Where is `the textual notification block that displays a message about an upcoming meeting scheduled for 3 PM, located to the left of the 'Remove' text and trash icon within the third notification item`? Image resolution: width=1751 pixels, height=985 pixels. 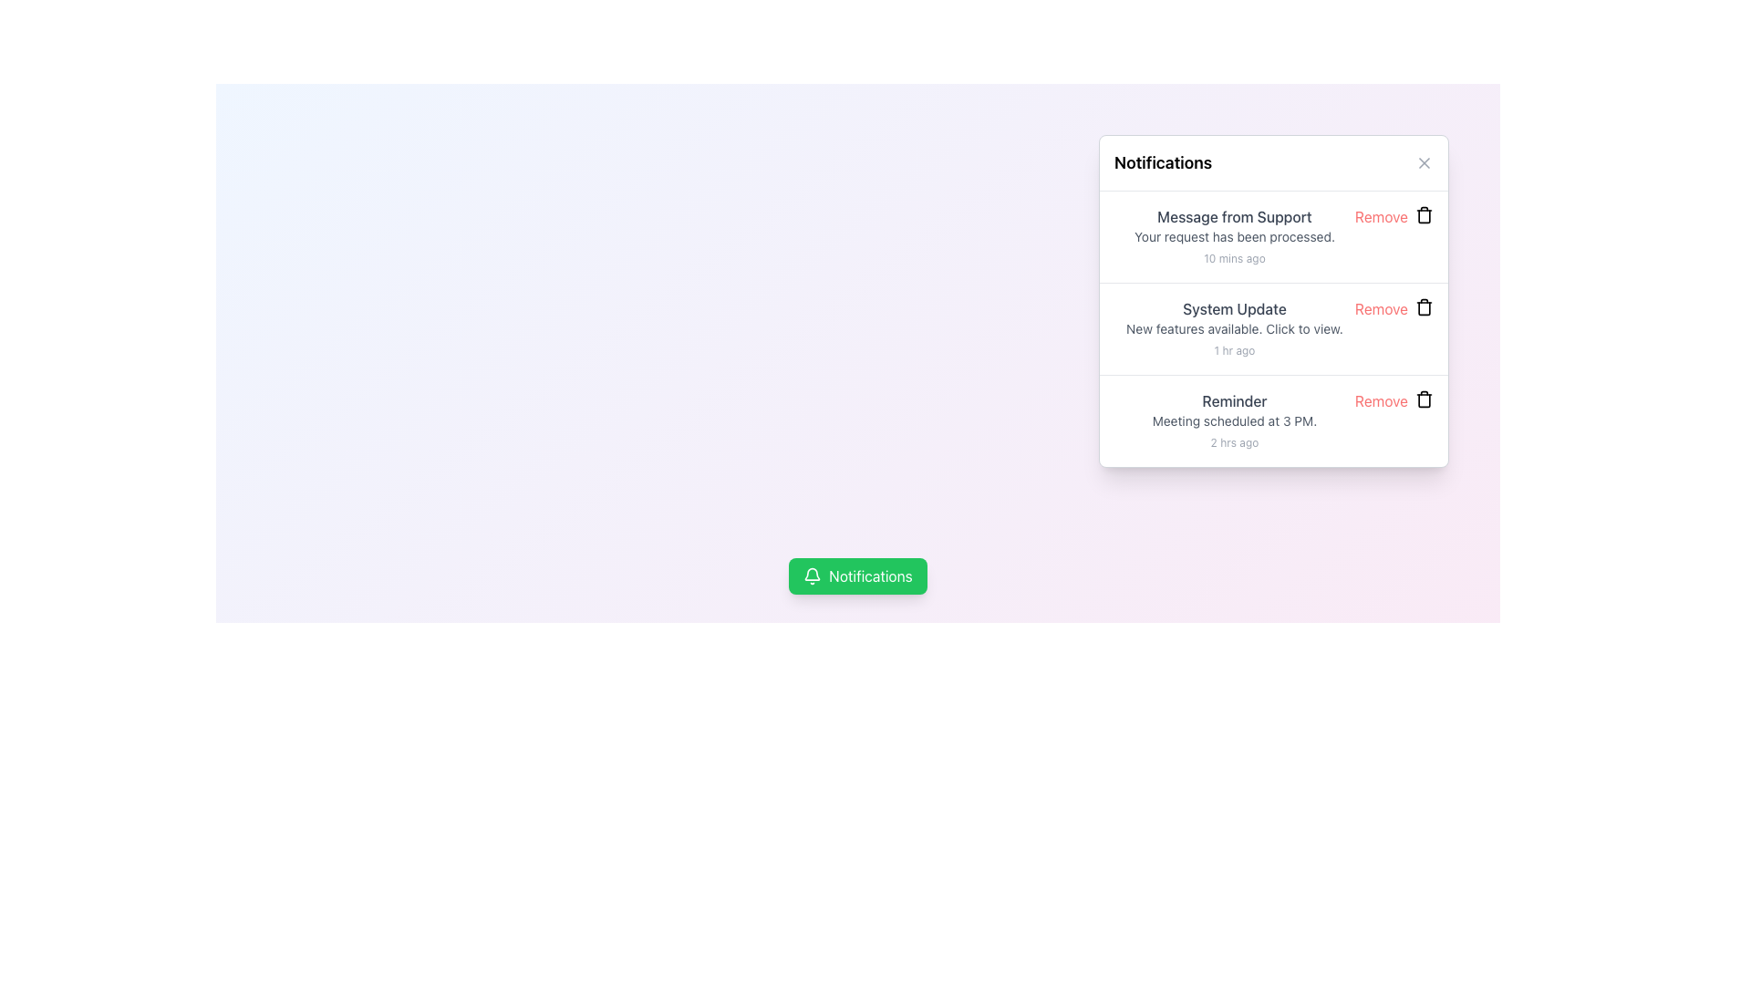
the textual notification block that displays a message about an upcoming meeting scheduled for 3 PM, located to the left of the 'Remove' text and trash icon within the third notification item is located at coordinates (1234, 421).